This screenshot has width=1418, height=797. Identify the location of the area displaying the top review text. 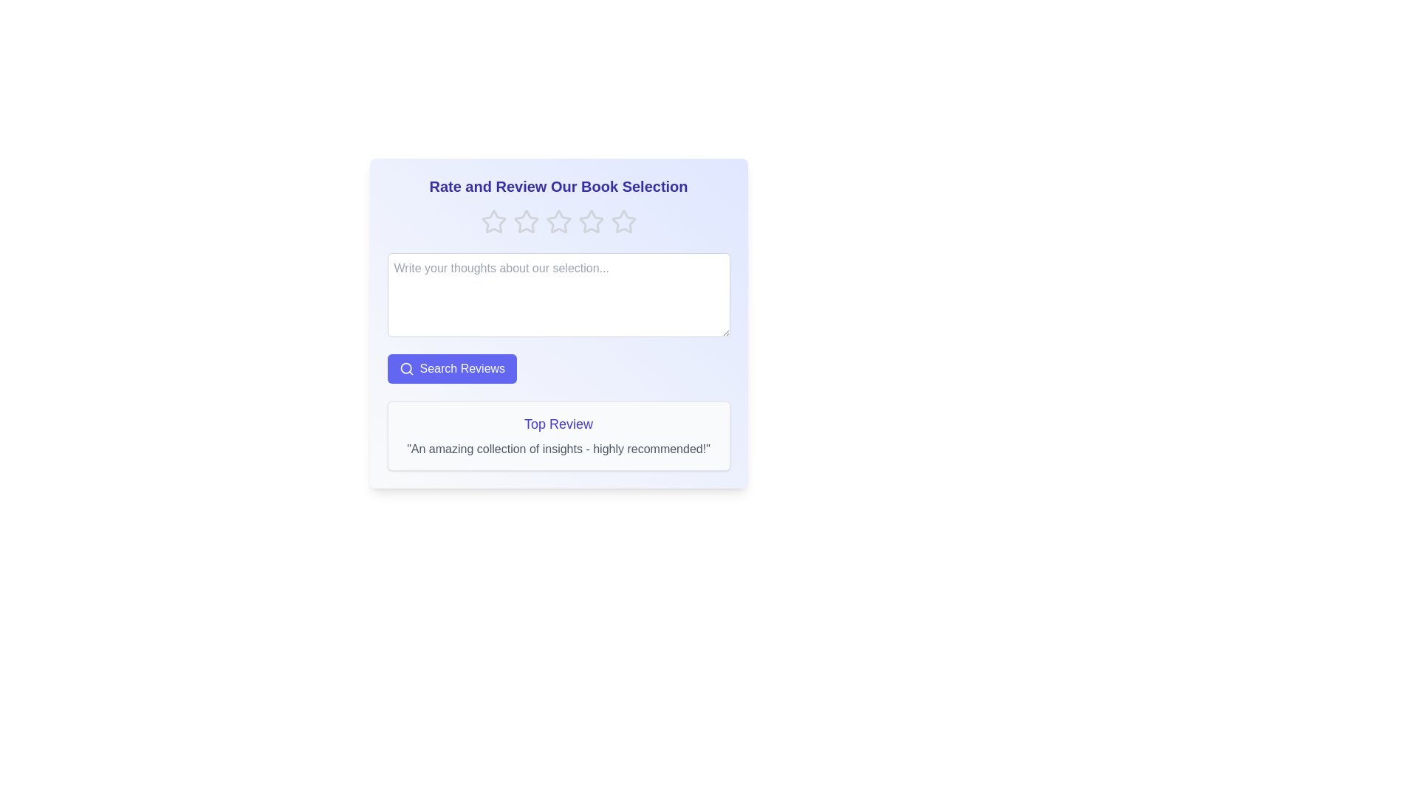
(558, 435).